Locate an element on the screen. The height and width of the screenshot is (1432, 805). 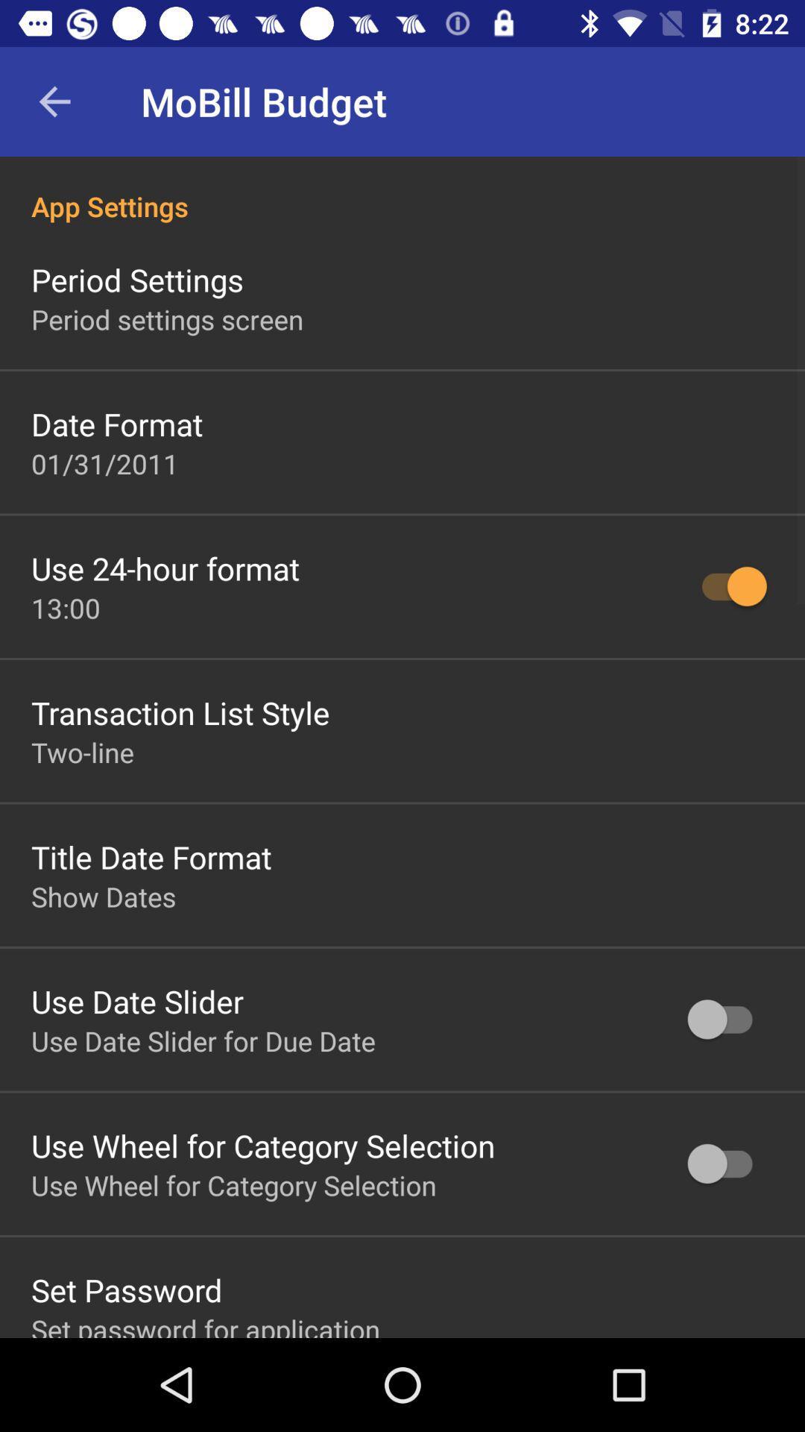
the icon below use 24 hour item is located at coordinates (65, 608).